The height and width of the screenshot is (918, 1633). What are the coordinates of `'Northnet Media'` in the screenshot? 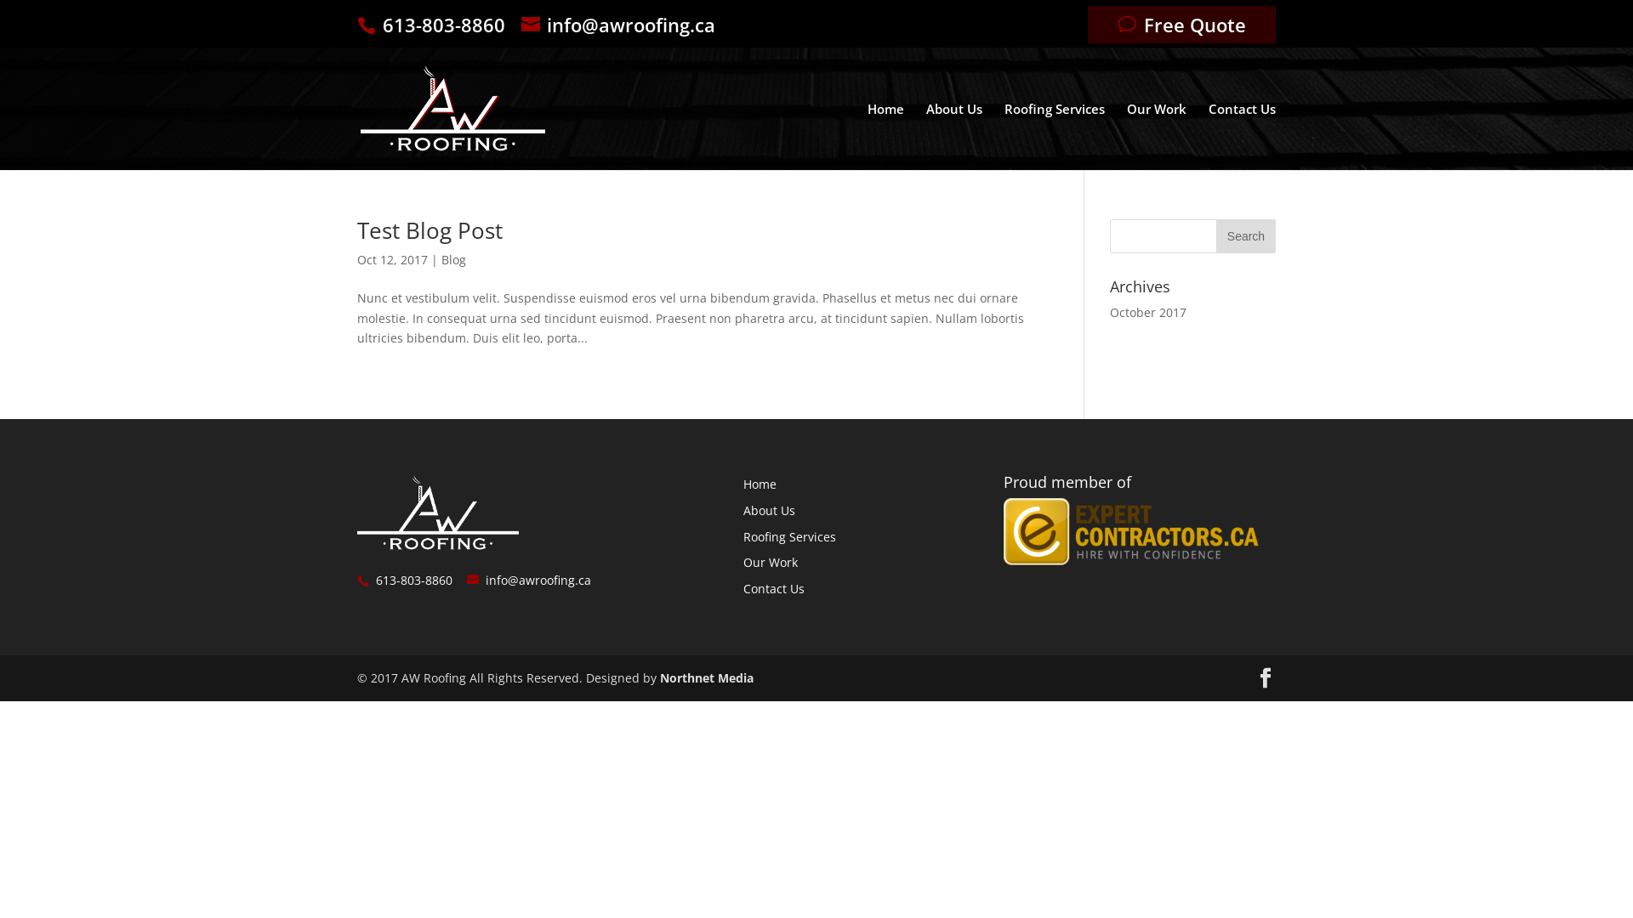 It's located at (706, 677).